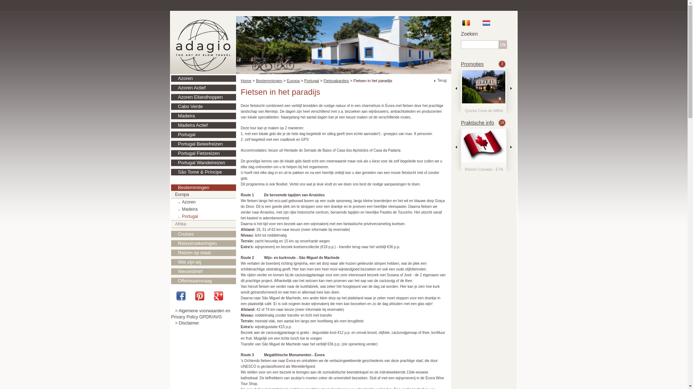 The width and height of the screenshot is (693, 389). I want to click on 'Terug', so click(440, 80).